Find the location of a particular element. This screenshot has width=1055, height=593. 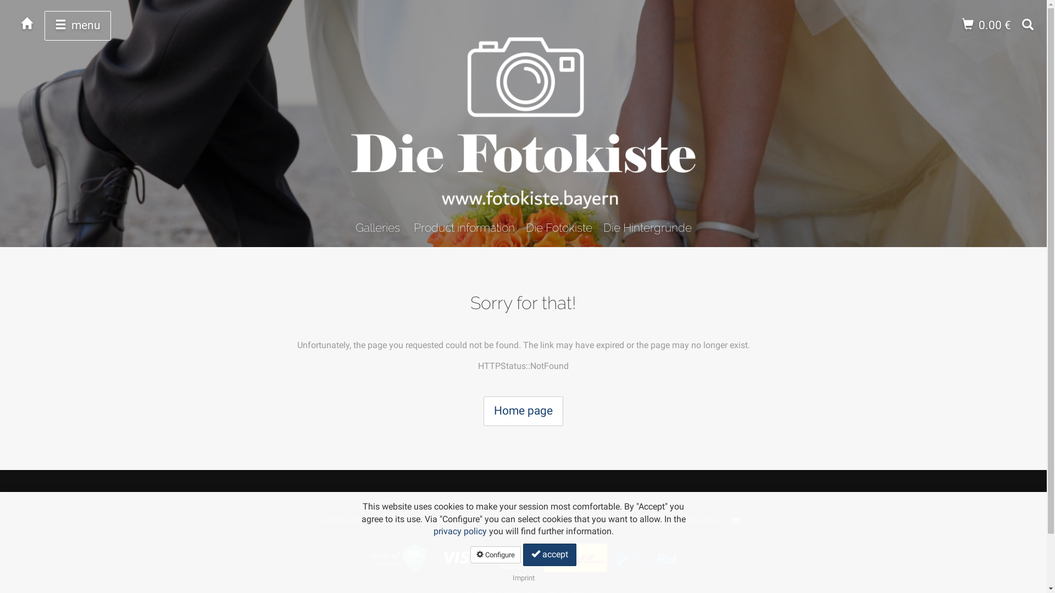

'menu' is located at coordinates (77, 25).